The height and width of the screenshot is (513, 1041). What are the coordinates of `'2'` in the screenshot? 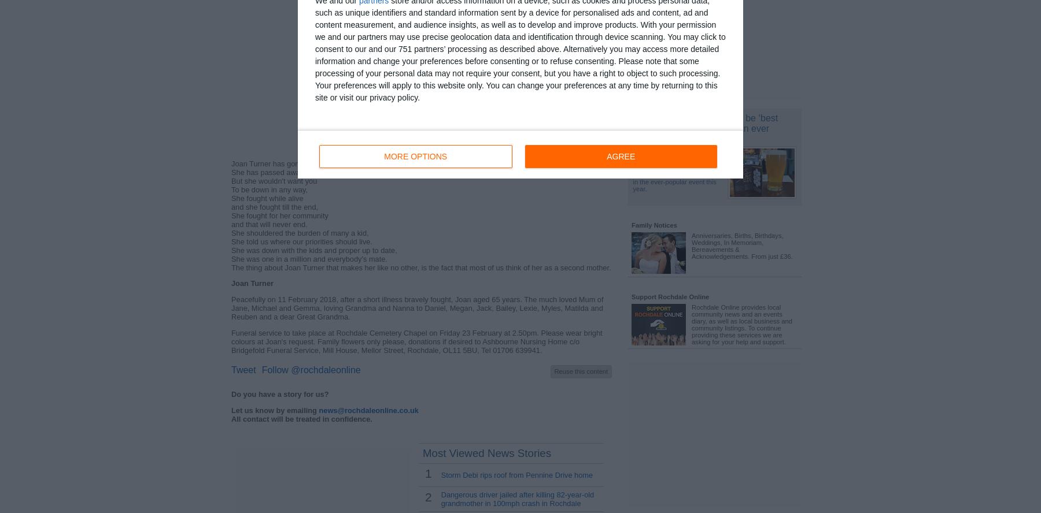 It's located at (427, 496).